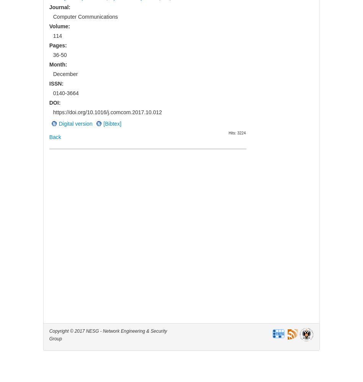 The image size is (363, 382). Describe the element at coordinates (53, 112) in the screenshot. I see `'https://doi.org/10.1016/j.comcom.2017.10.012'` at that location.